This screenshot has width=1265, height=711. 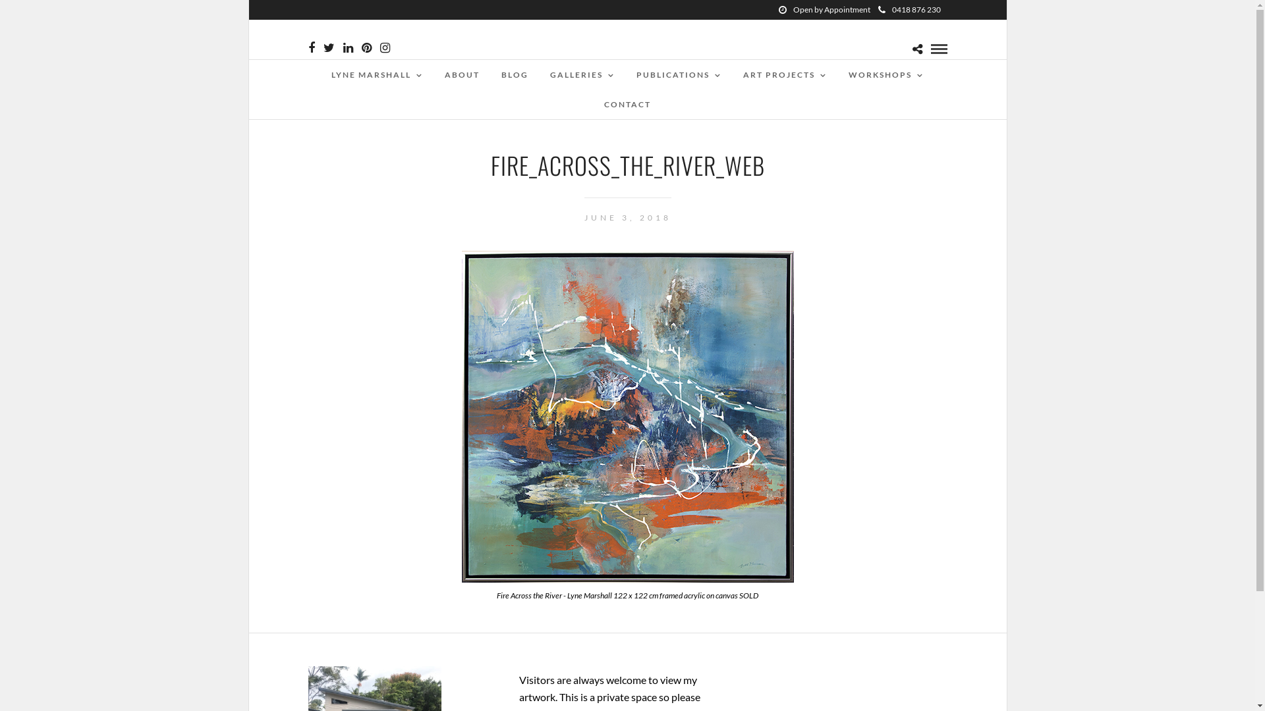 What do you see at coordinates (679, 74) in the screenshot?
I see `'PUBLICATIONS'` at bounding box center [679, 74].